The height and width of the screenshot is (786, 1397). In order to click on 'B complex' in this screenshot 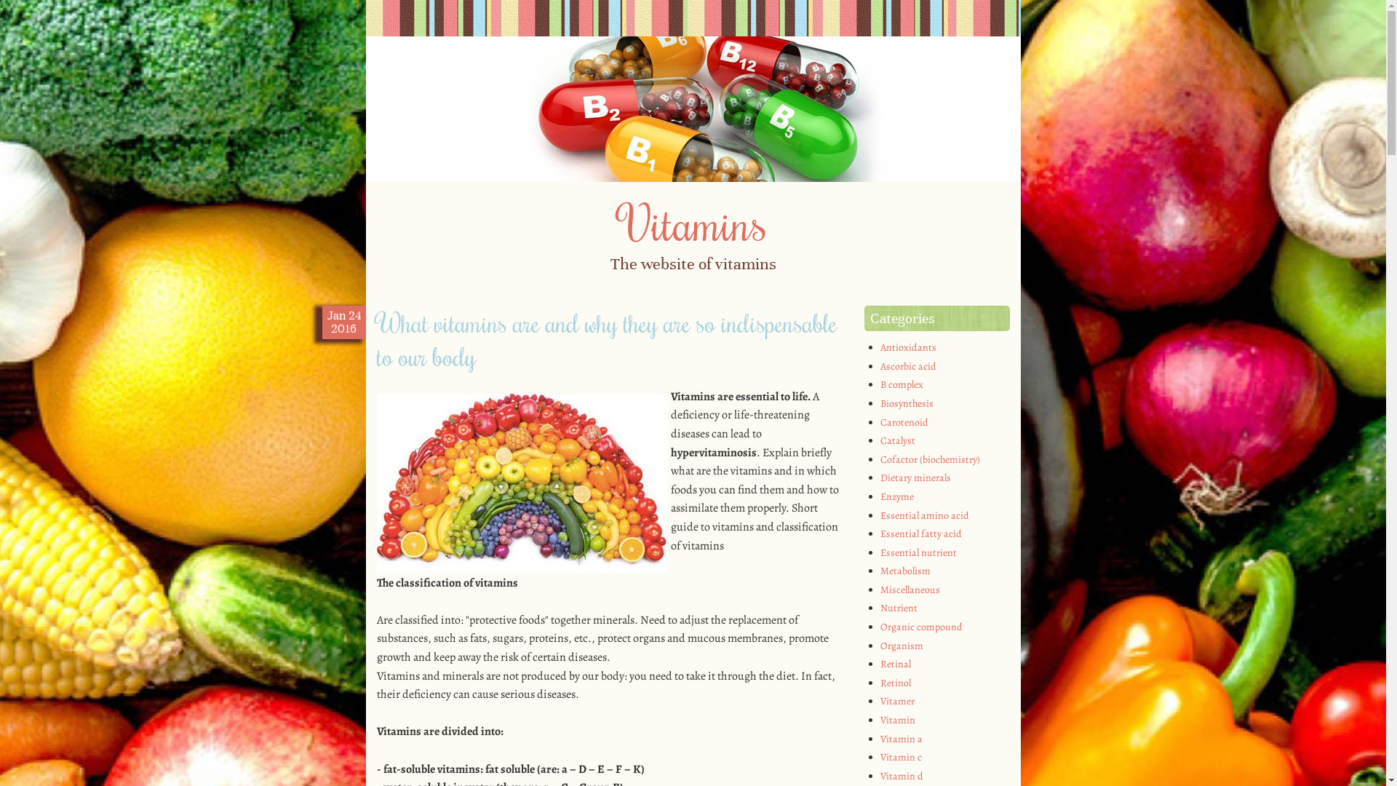, I will do `click(901, 384)`.